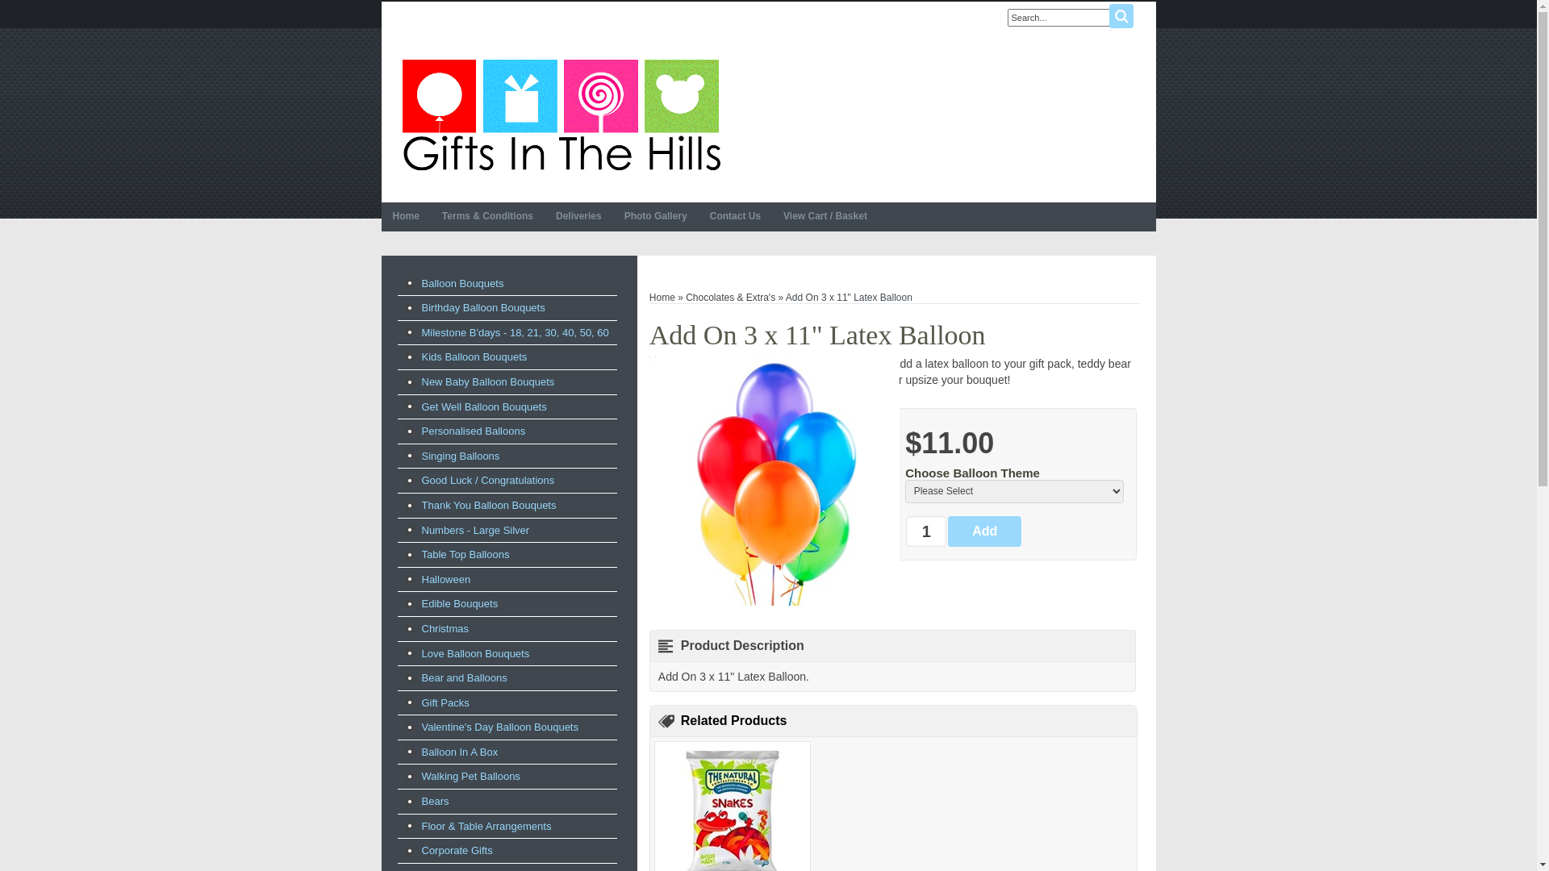  I want to click on 'Christmas', so click(506, 627).